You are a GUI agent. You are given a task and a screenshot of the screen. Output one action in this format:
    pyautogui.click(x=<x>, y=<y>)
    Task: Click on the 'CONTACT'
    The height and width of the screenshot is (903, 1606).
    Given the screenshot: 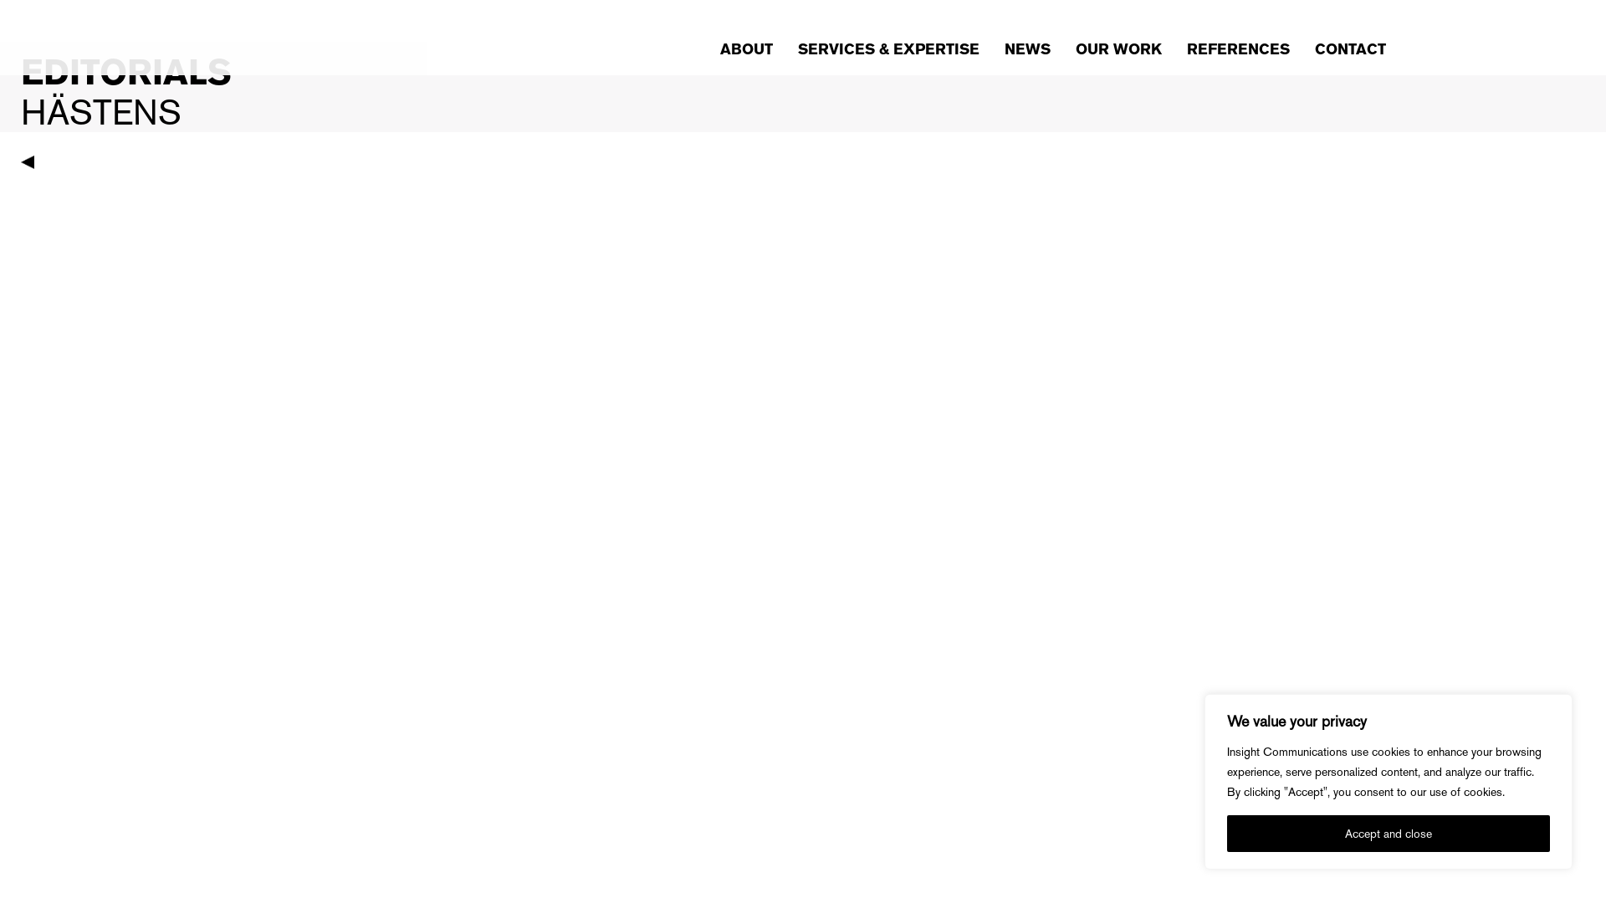 What is the action you would take?
    pyautogui.click(x=1350, y=52)
    